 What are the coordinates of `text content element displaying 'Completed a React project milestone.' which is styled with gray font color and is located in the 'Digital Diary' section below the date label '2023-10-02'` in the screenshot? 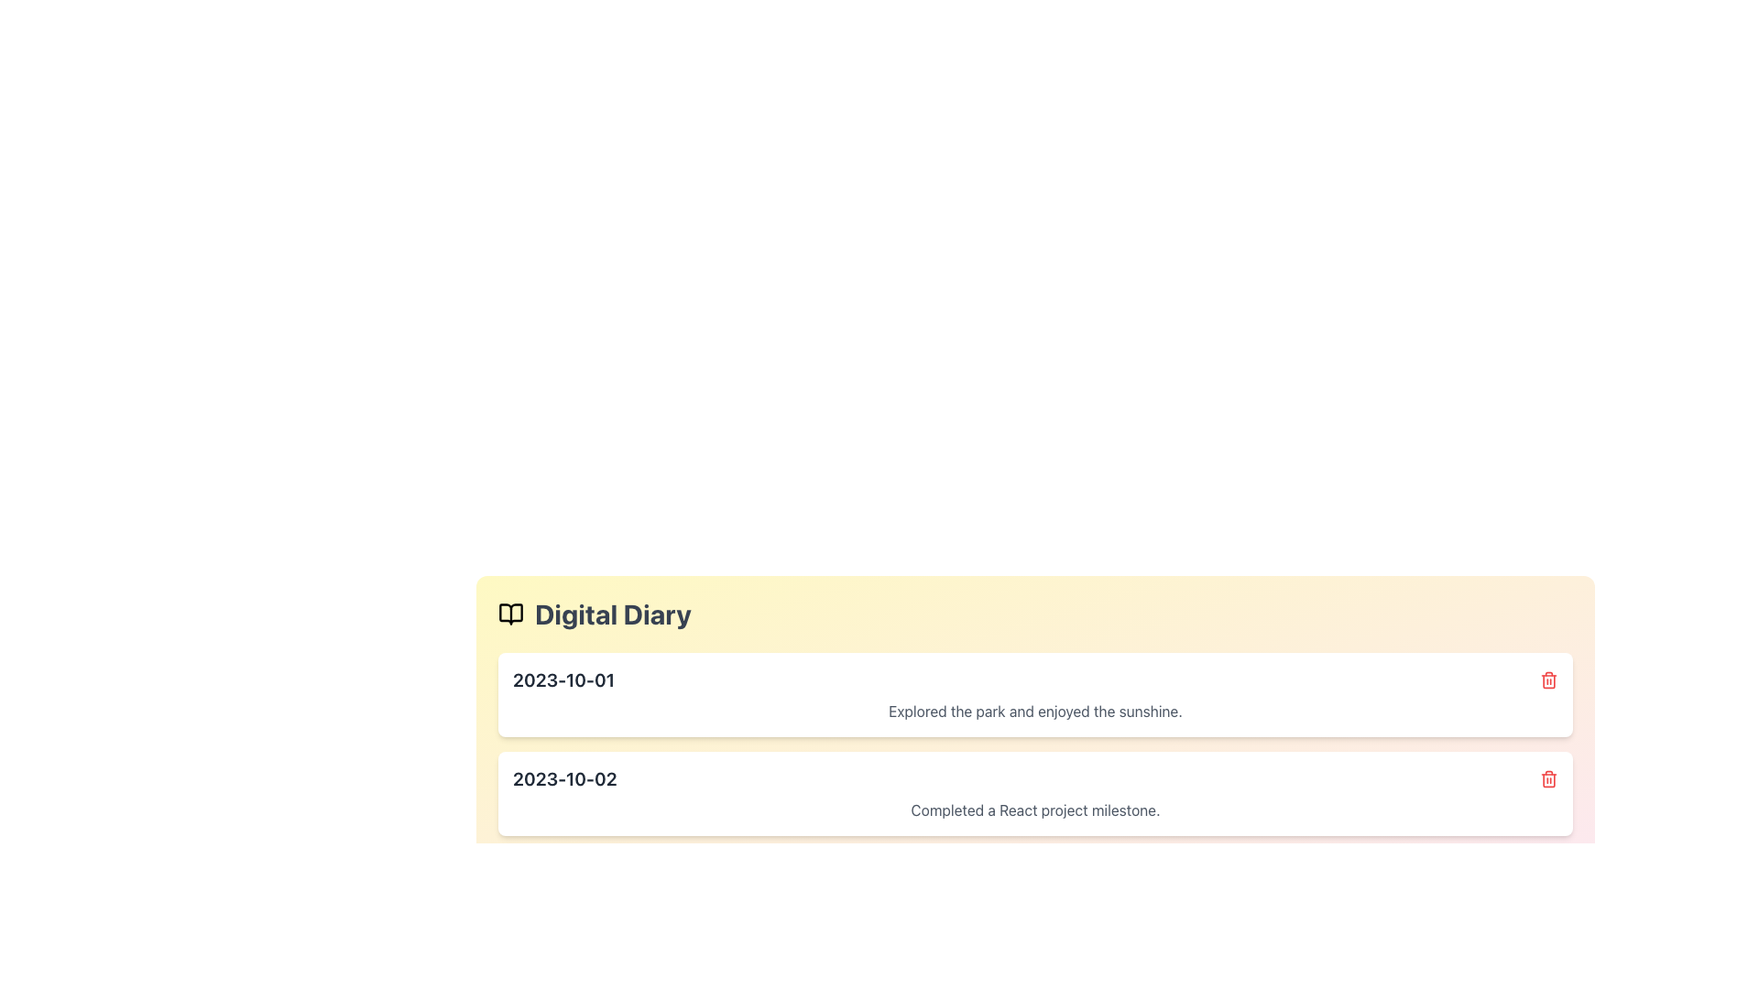 It's located at (1035, 809).